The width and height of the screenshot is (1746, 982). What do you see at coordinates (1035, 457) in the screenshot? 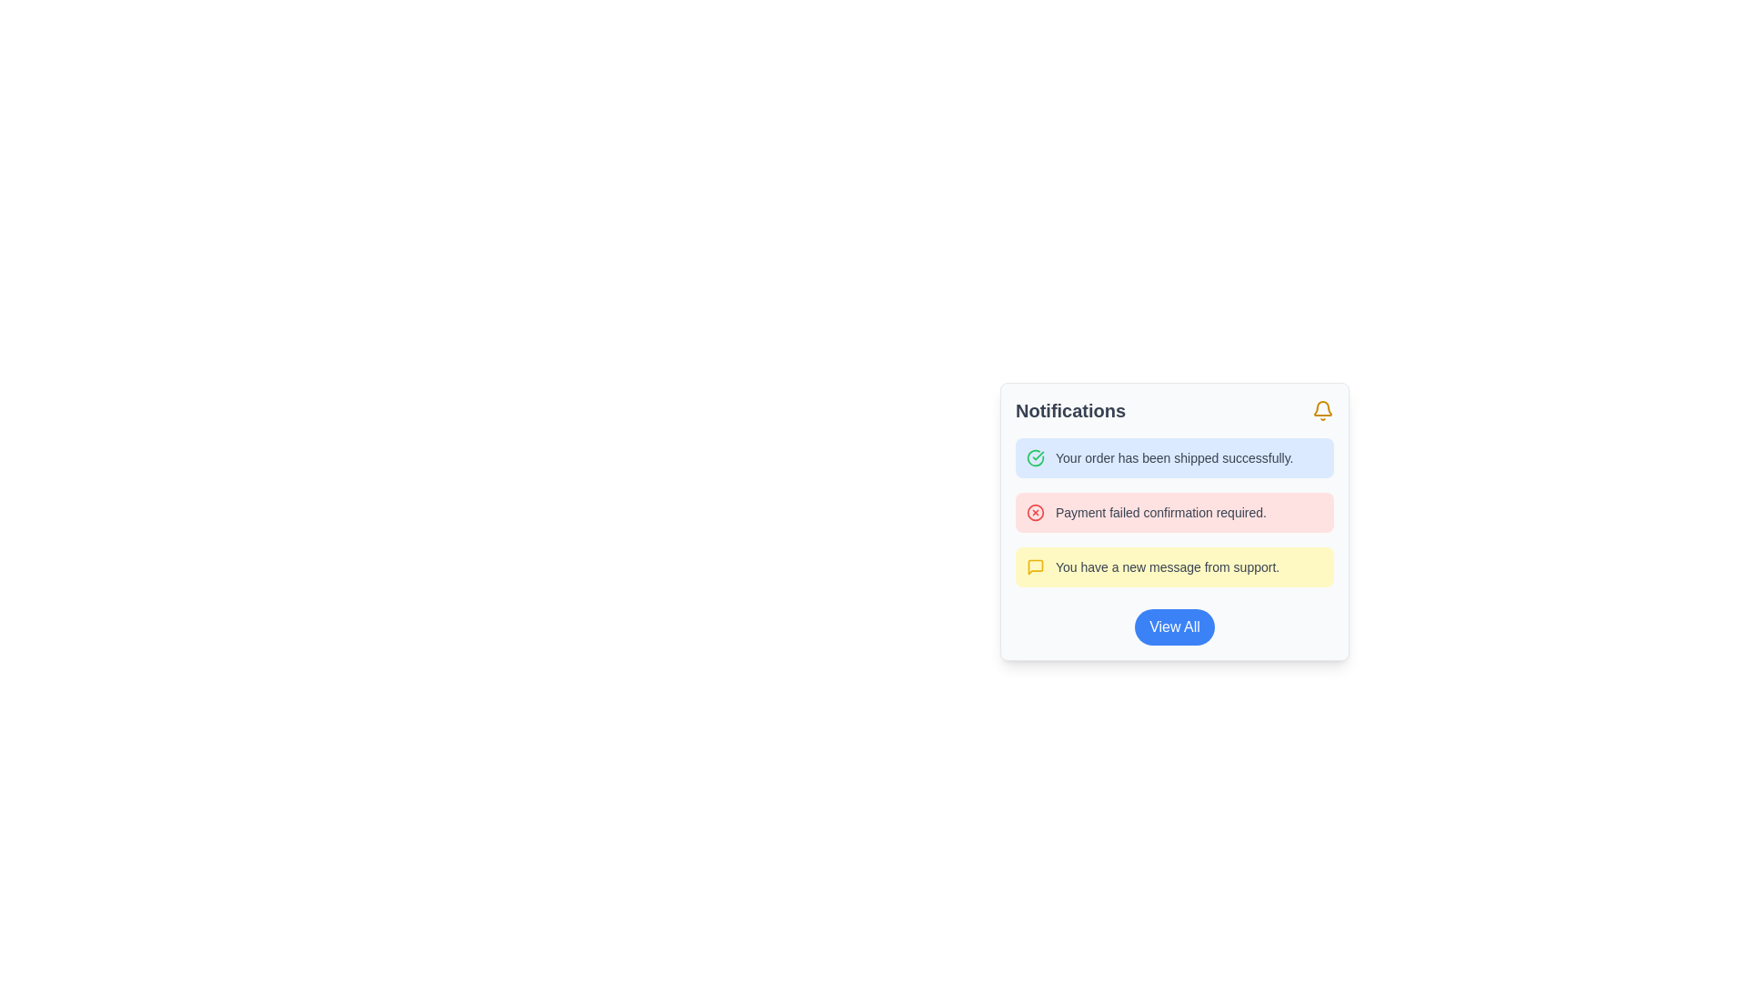
I see `the green circular icon with a check mark, located to the left of the text 'Your order has been shipped successfully.'` at bounding box center [1035, 457].